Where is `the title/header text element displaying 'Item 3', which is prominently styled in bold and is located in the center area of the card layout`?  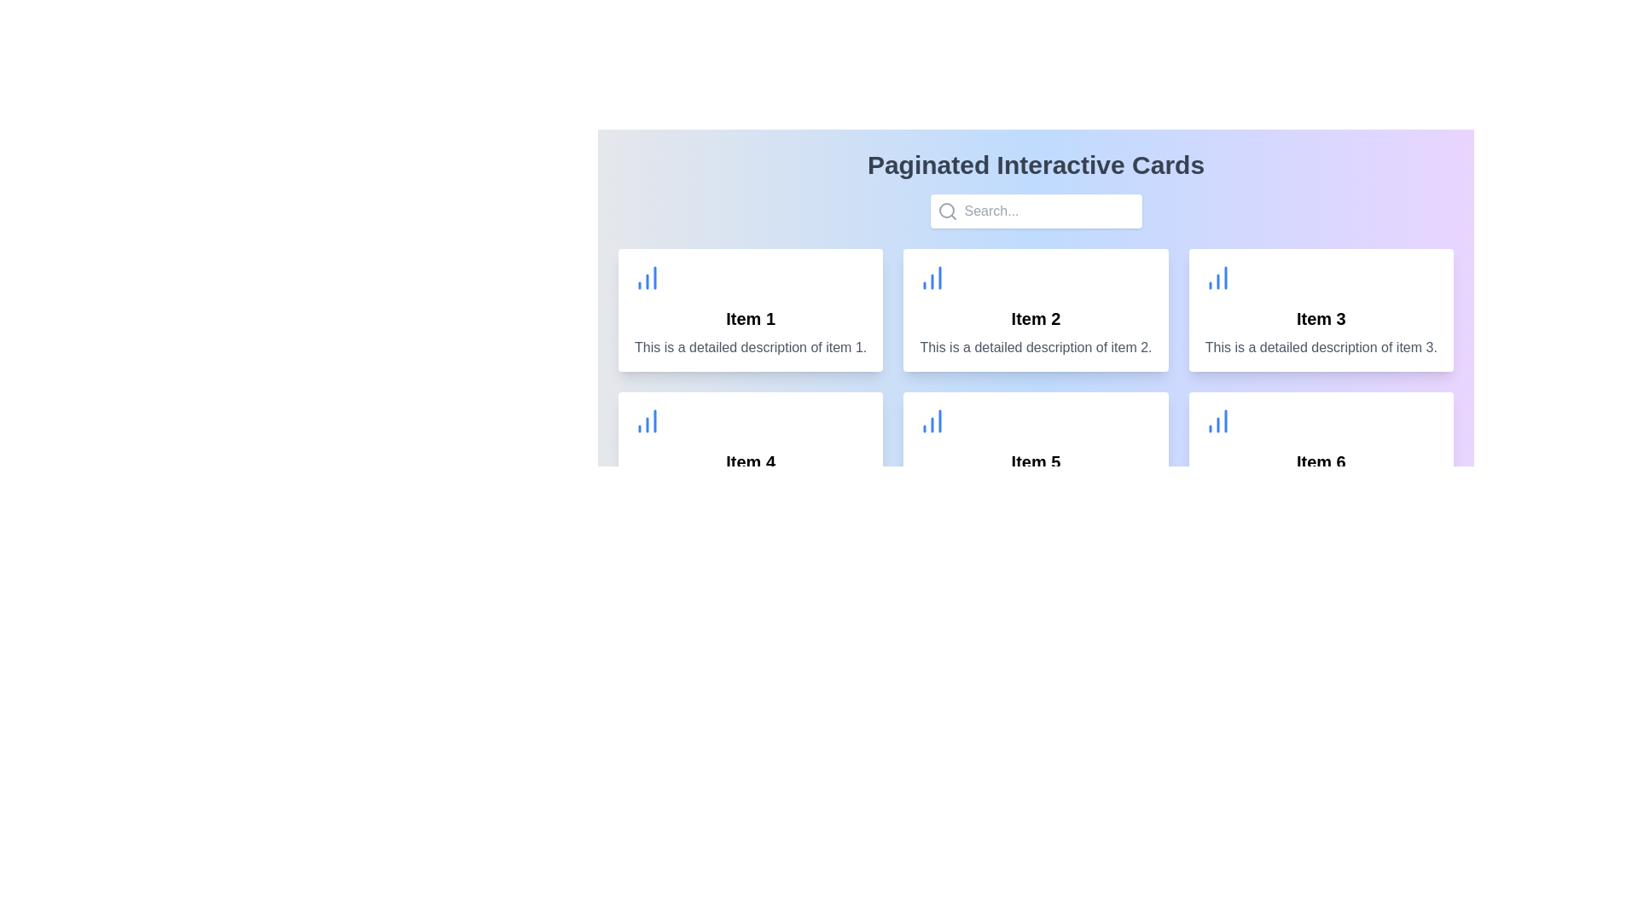
the title/header text element displaying 'Item 3', which is prominently styled in bold and is located in the center area of the card layout is located at coordinates (1320, 319).